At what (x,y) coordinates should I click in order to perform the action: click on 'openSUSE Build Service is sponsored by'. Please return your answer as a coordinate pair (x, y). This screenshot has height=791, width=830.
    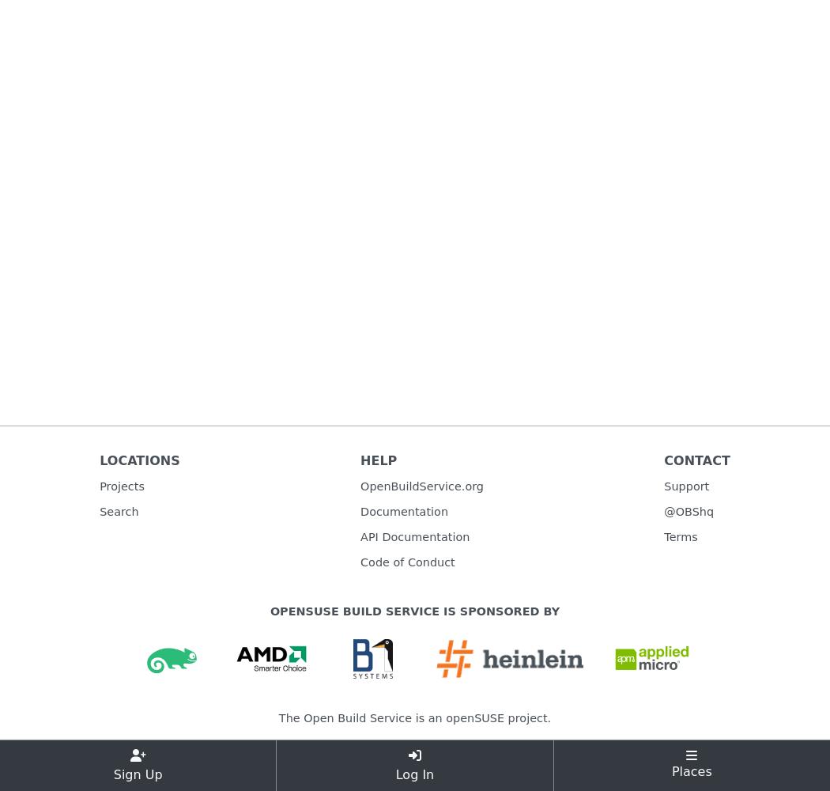
    Looking at the image, I should click on (269, 611).